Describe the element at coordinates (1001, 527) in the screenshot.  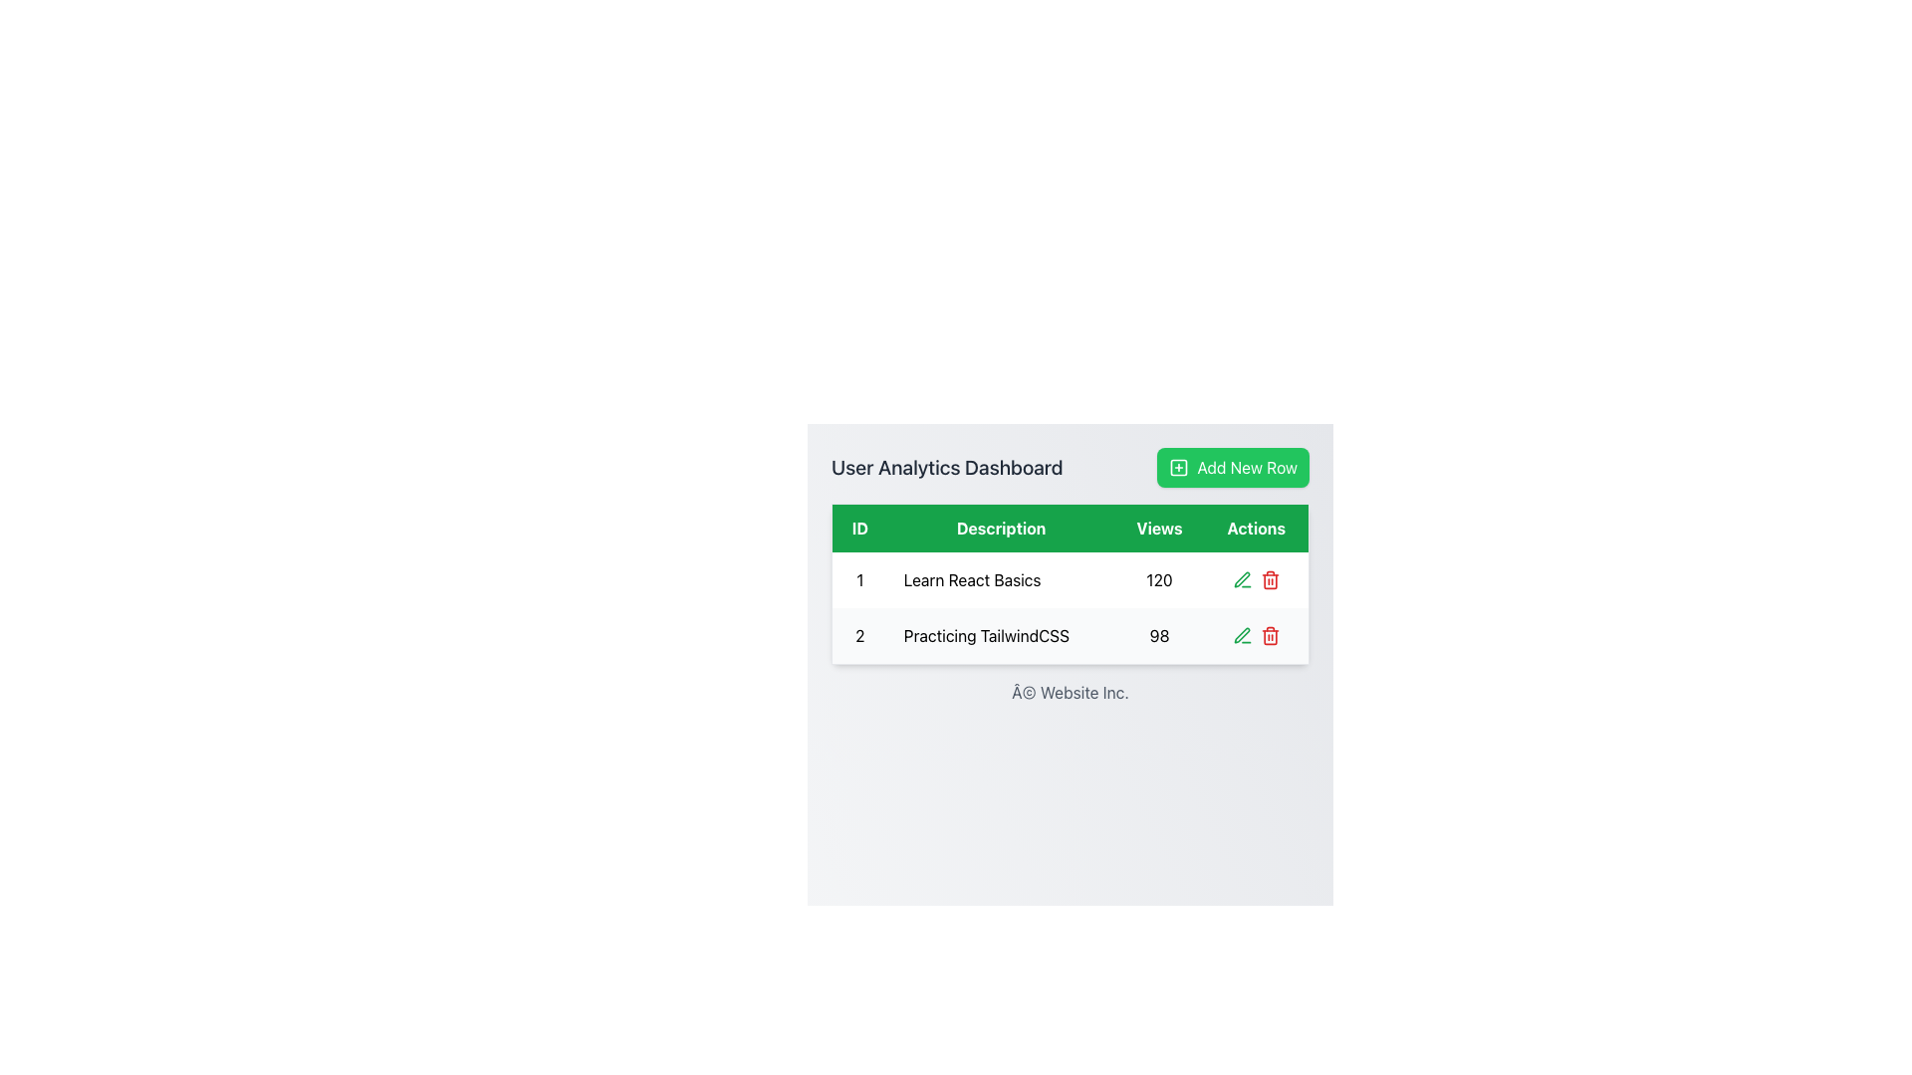
I see `'Description' label from the header cell of the table, which is located in the second column between 'ID' and 'Views'` at that location.